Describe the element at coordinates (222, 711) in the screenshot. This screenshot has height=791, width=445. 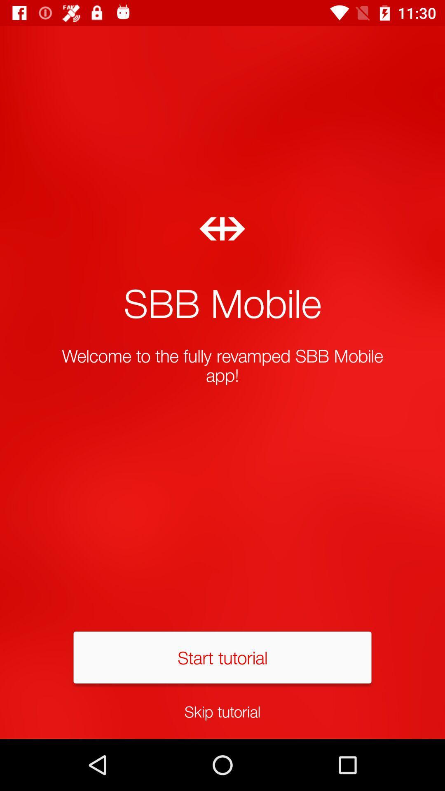
I see `the icon below the start tutorial icon` at that location.